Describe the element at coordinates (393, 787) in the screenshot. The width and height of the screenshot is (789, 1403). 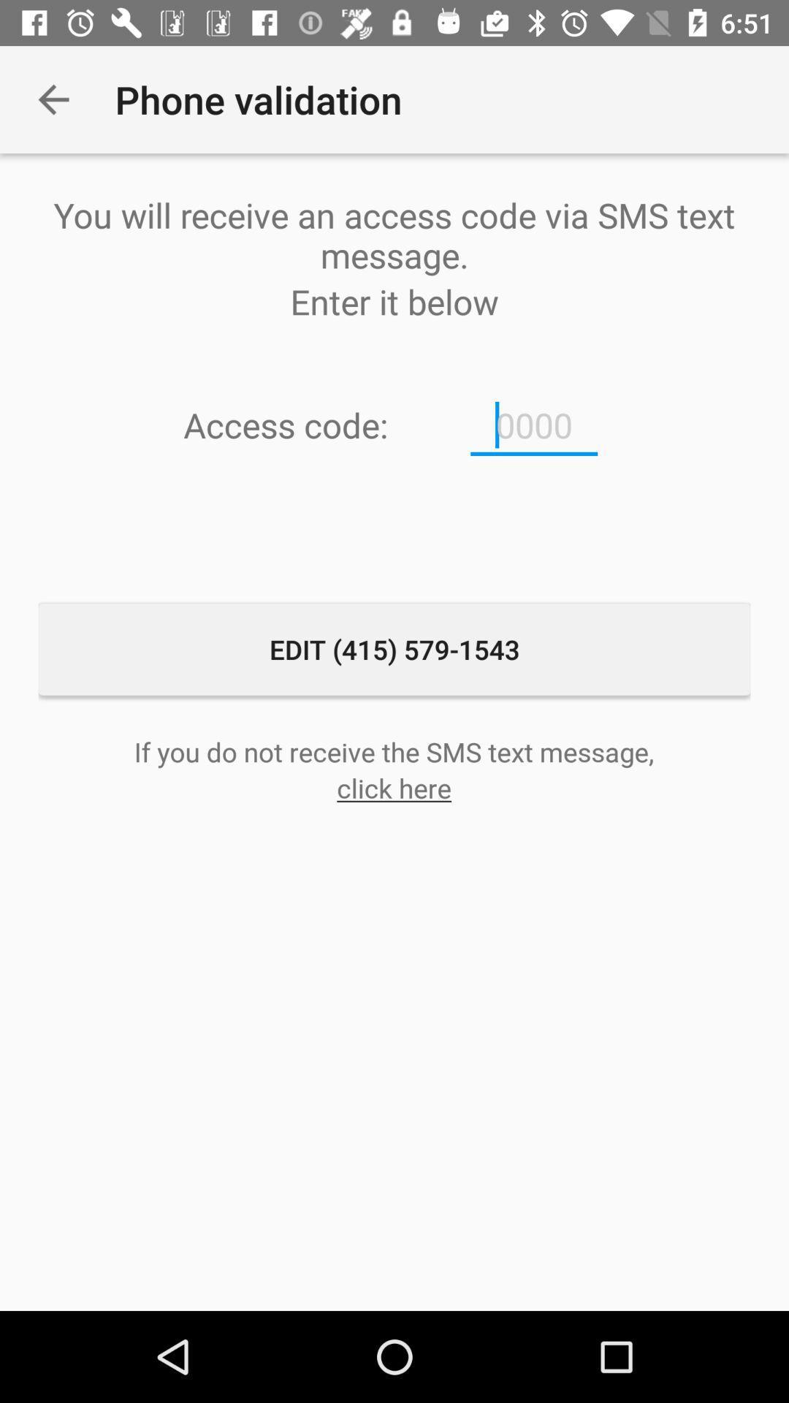
I see `click here icon` at that location.